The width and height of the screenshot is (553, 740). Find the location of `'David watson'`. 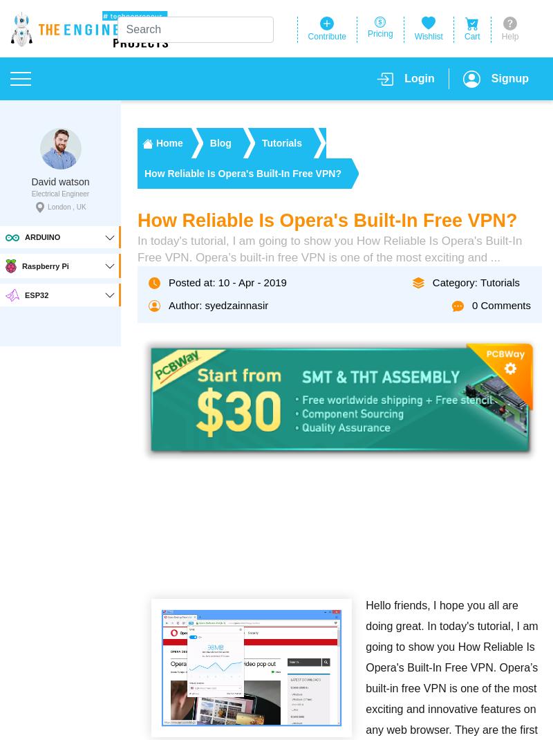

'David watson' is located at coordinates (59, 181).